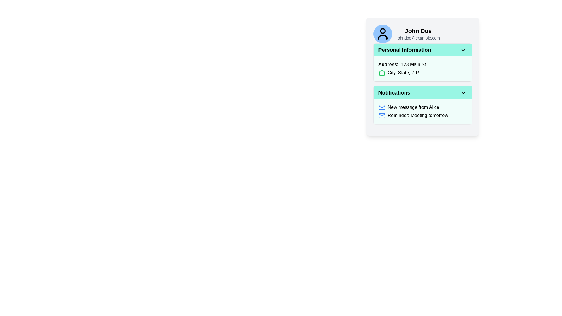 Image resolution: width=562 pixels, height=316 pixels. What do you see at coordinates (382, 107) in the screenshot?
I see `the main rectangular body of the envelope icon in the Notifications section of the user profile card` at bounding box center [382, 107].